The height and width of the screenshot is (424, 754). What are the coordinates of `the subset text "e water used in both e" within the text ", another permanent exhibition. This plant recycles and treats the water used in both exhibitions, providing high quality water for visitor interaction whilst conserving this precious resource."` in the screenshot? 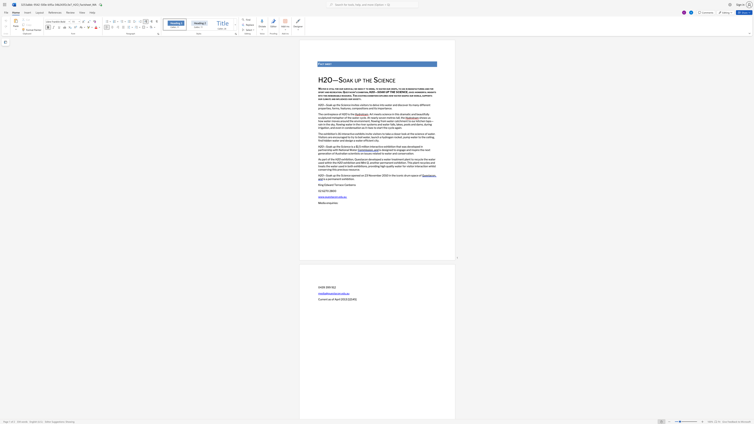 It's located at (328, 166).